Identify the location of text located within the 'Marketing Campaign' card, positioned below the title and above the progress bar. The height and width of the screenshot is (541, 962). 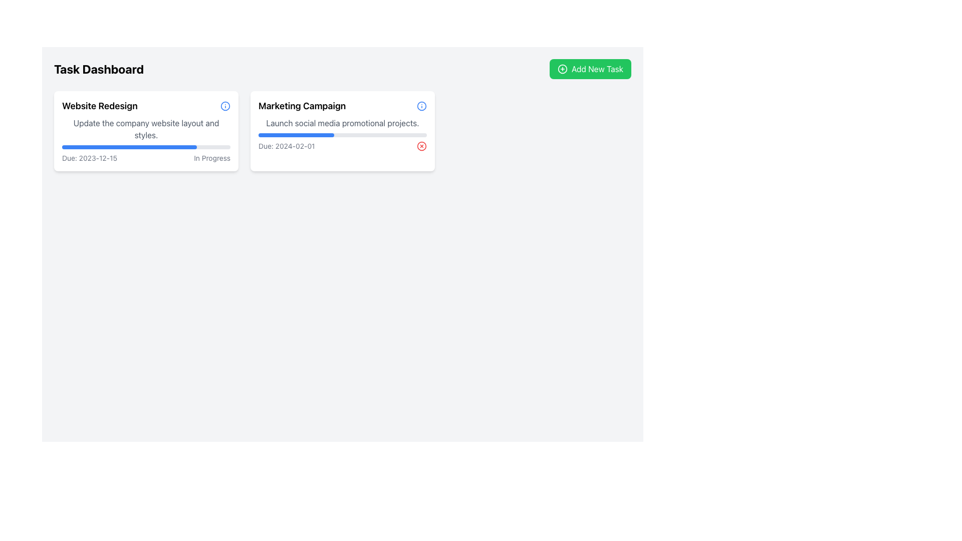
(343, 123).